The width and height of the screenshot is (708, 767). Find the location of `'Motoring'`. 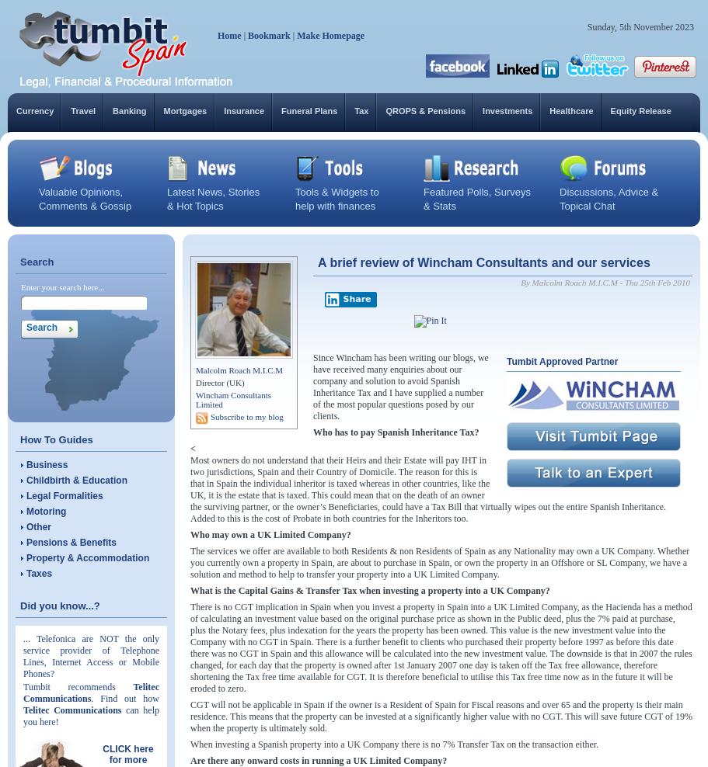

'Motoring' is located at coordinates (45, 510).